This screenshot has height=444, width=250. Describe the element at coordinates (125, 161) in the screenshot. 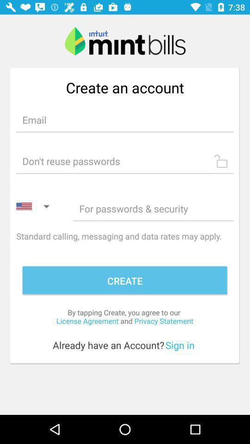

I see `password input section` at that location.